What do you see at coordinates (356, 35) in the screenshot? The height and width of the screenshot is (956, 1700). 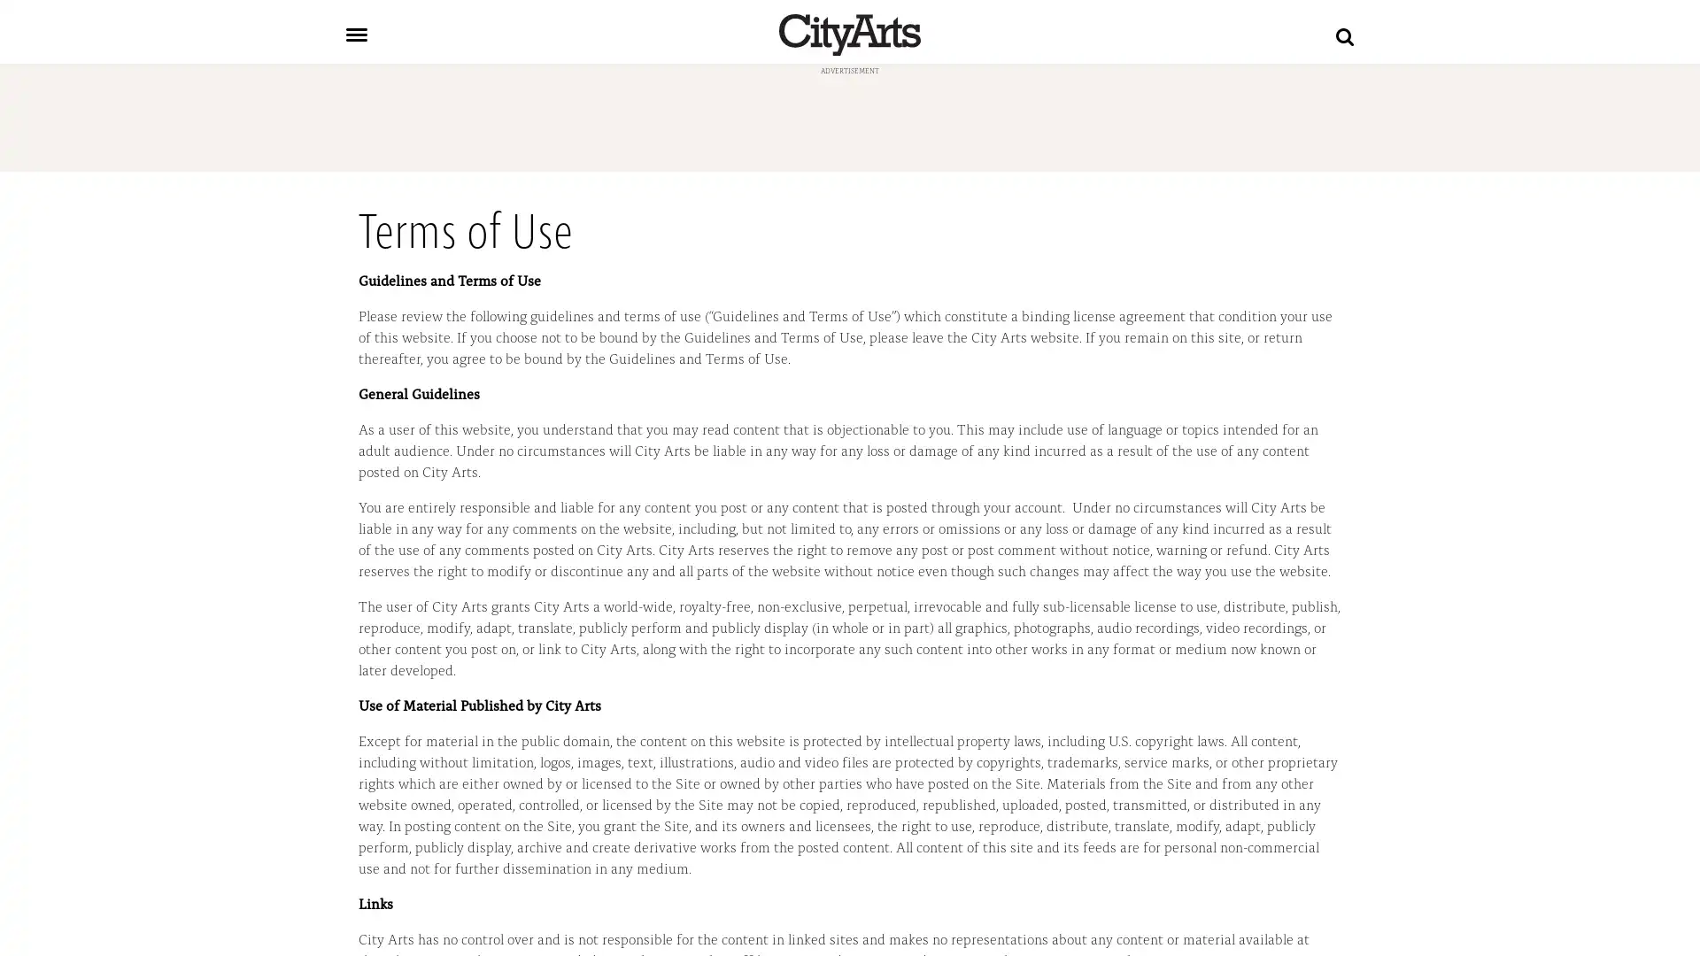 I see `Toggle navigation` at bounding box center [356, 35].